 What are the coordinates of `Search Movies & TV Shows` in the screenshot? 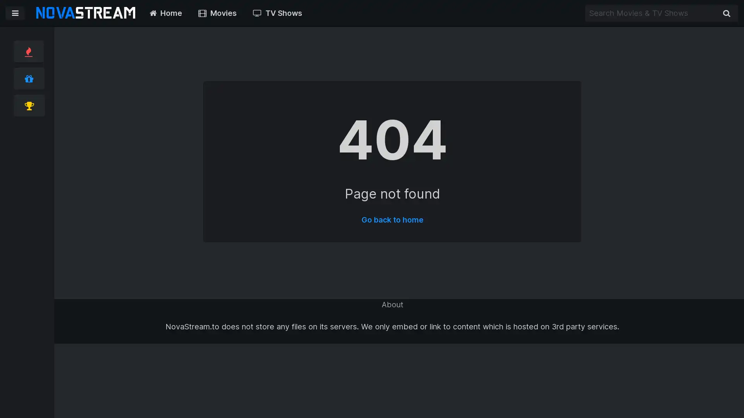 It's located at (726, 13).